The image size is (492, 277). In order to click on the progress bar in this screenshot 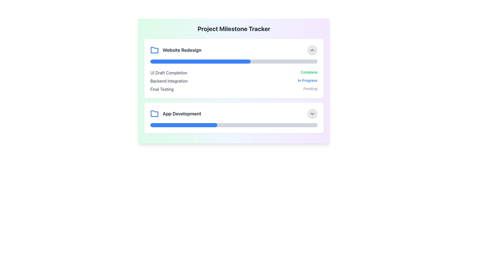, I will do `click(190, 61)`.